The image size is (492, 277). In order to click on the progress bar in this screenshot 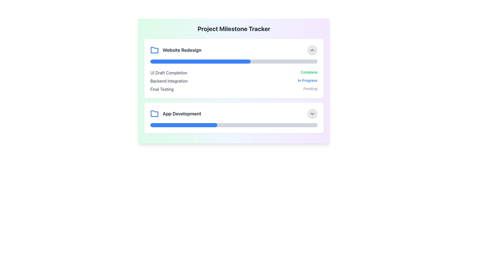, I will do `click(190, 61)`.